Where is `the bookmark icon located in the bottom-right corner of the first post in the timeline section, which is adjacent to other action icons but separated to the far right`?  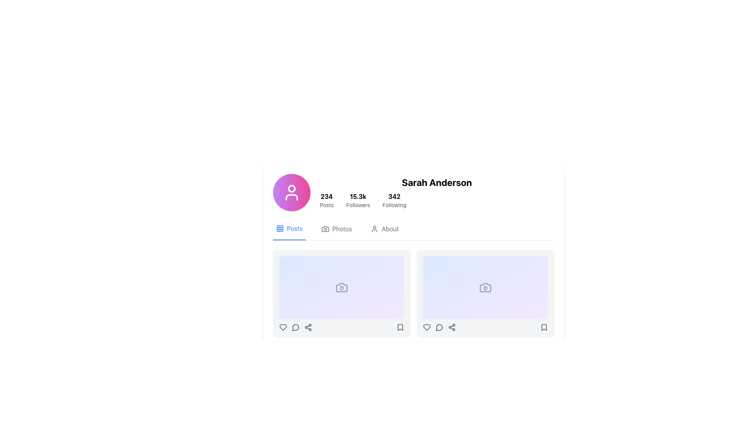
the bookmark icon located in the bottom-right corner of the first post in the timeline section, which is adjacent to other action icons but separated to the far right is located at coordinates (400, 327).